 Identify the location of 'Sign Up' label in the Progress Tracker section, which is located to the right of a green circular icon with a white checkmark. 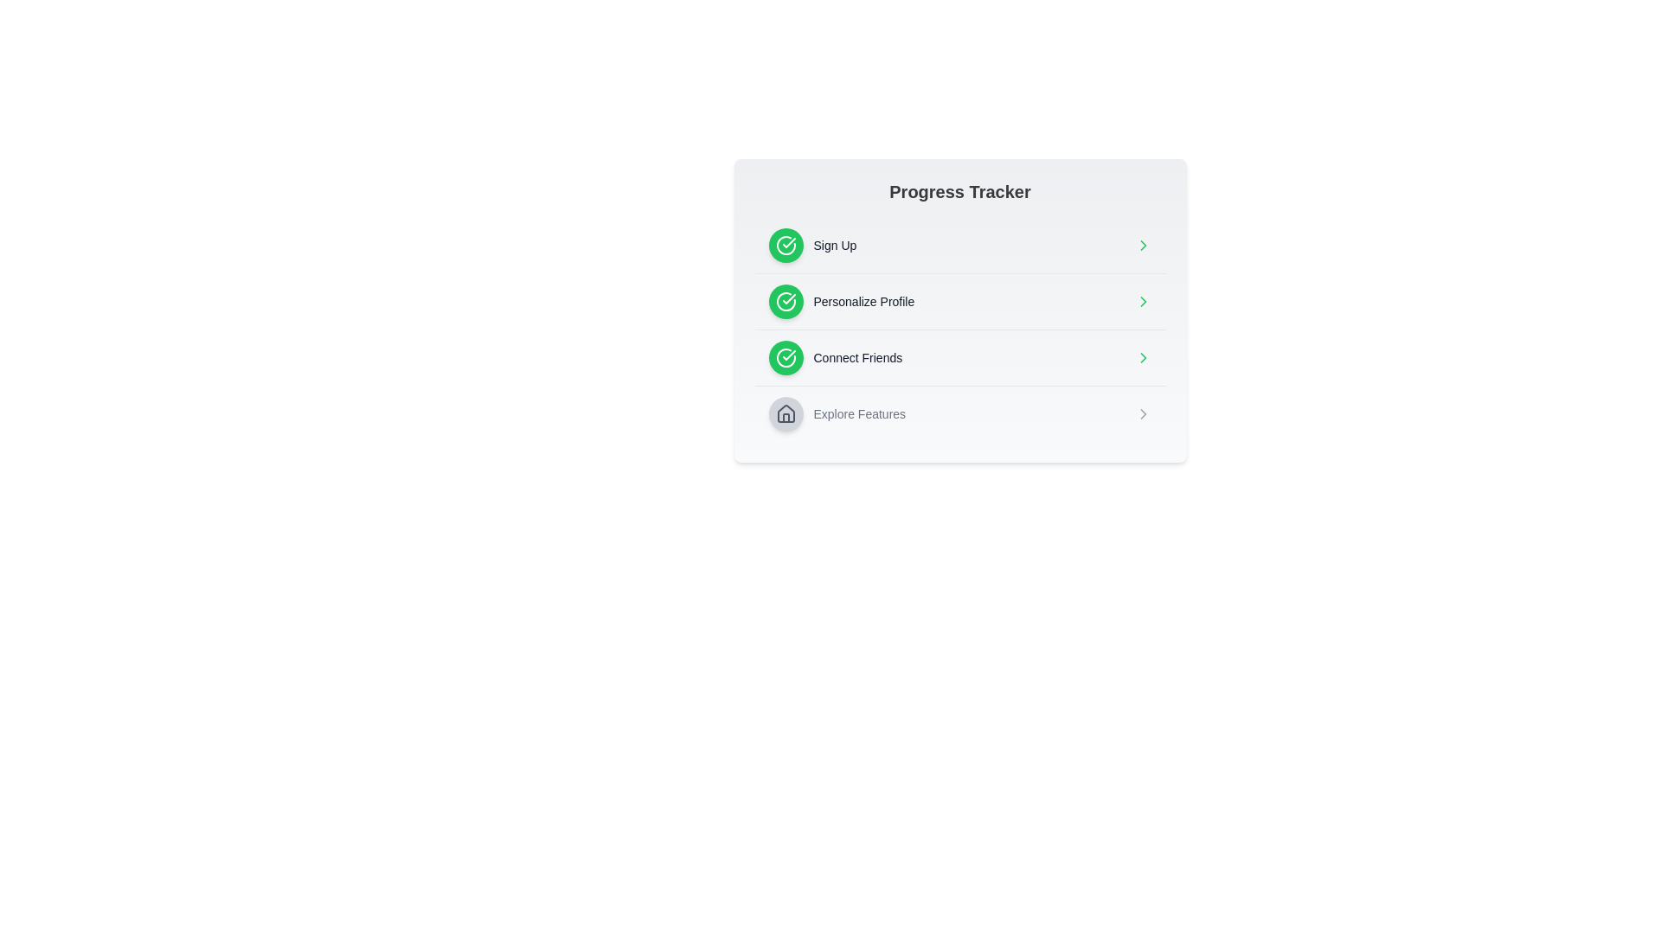
(835, 246).